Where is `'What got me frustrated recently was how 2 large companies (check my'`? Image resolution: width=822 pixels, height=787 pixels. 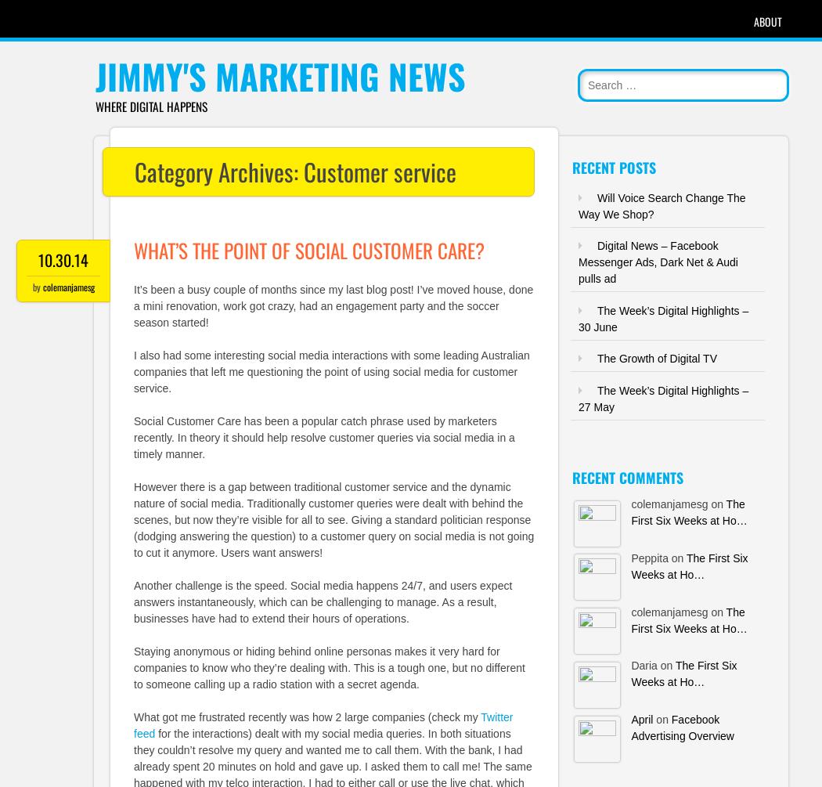 'What got me frustrated recently was how 2 large companies (check my' is located at coordinates (307, 715).